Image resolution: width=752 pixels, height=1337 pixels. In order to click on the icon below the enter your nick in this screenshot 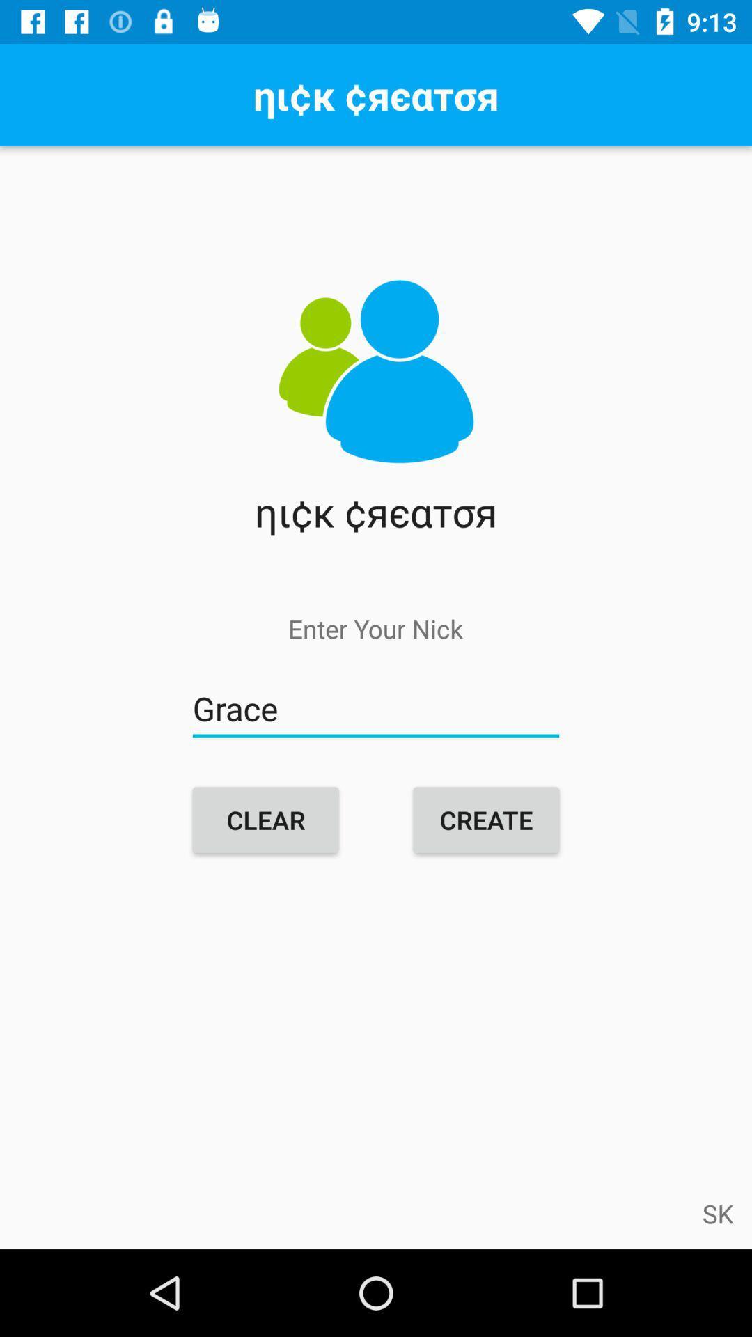, I will do `click(376, 709)`.